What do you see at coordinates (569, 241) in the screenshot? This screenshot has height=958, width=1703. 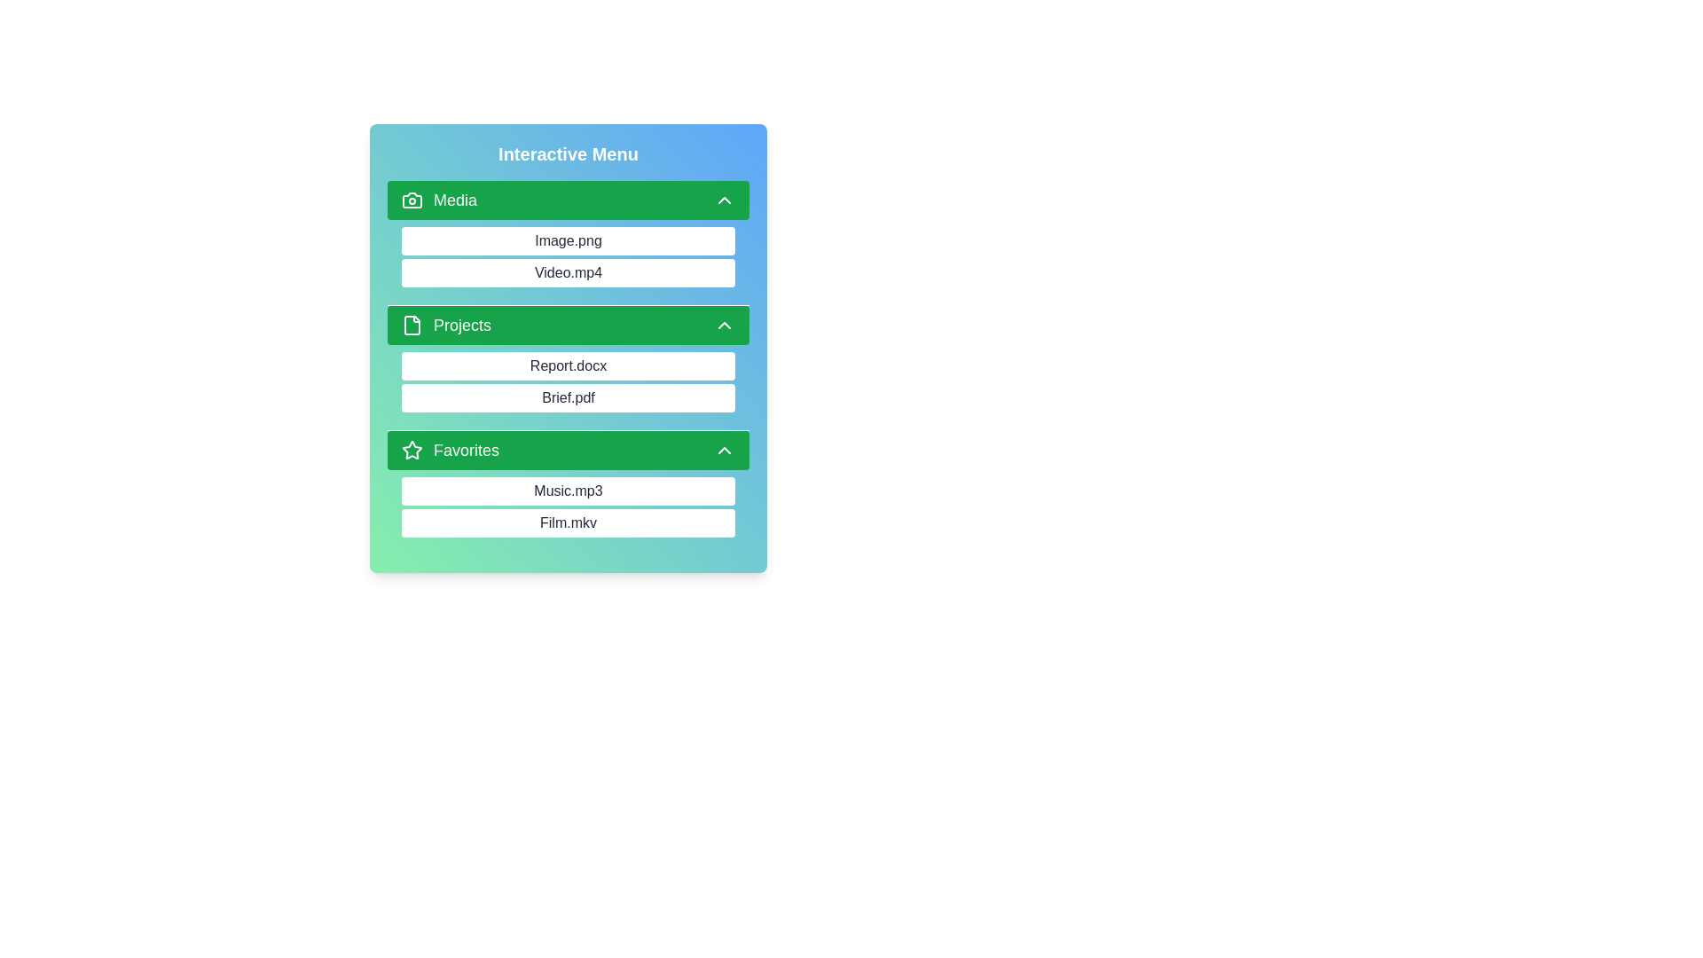 I see `the item Image.png to observe its hover effect` at bounding box center [569, 241].